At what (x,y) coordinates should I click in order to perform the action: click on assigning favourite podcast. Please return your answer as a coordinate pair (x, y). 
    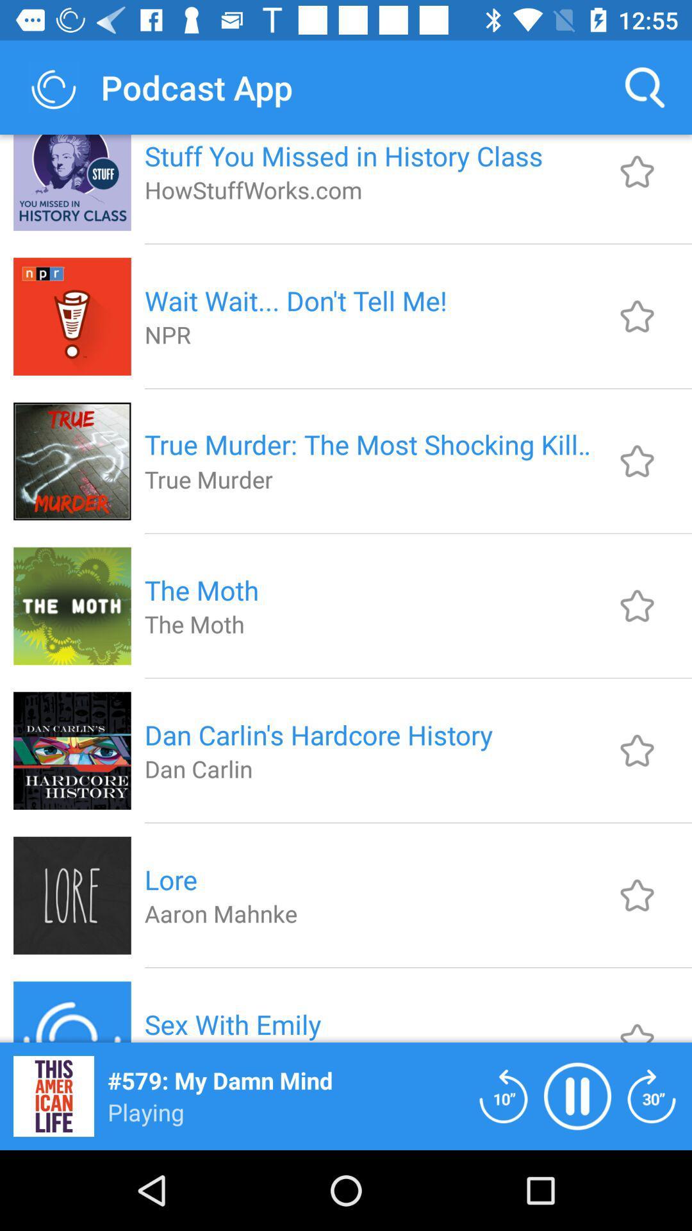
    Looking at the image, I should click on (637, 750).